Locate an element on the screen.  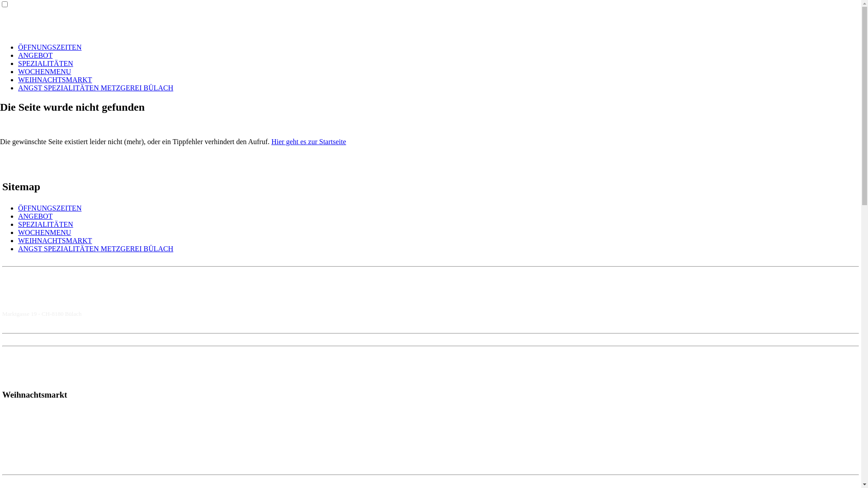
'WOCHENMENU' is located at coordinates (44, 71).